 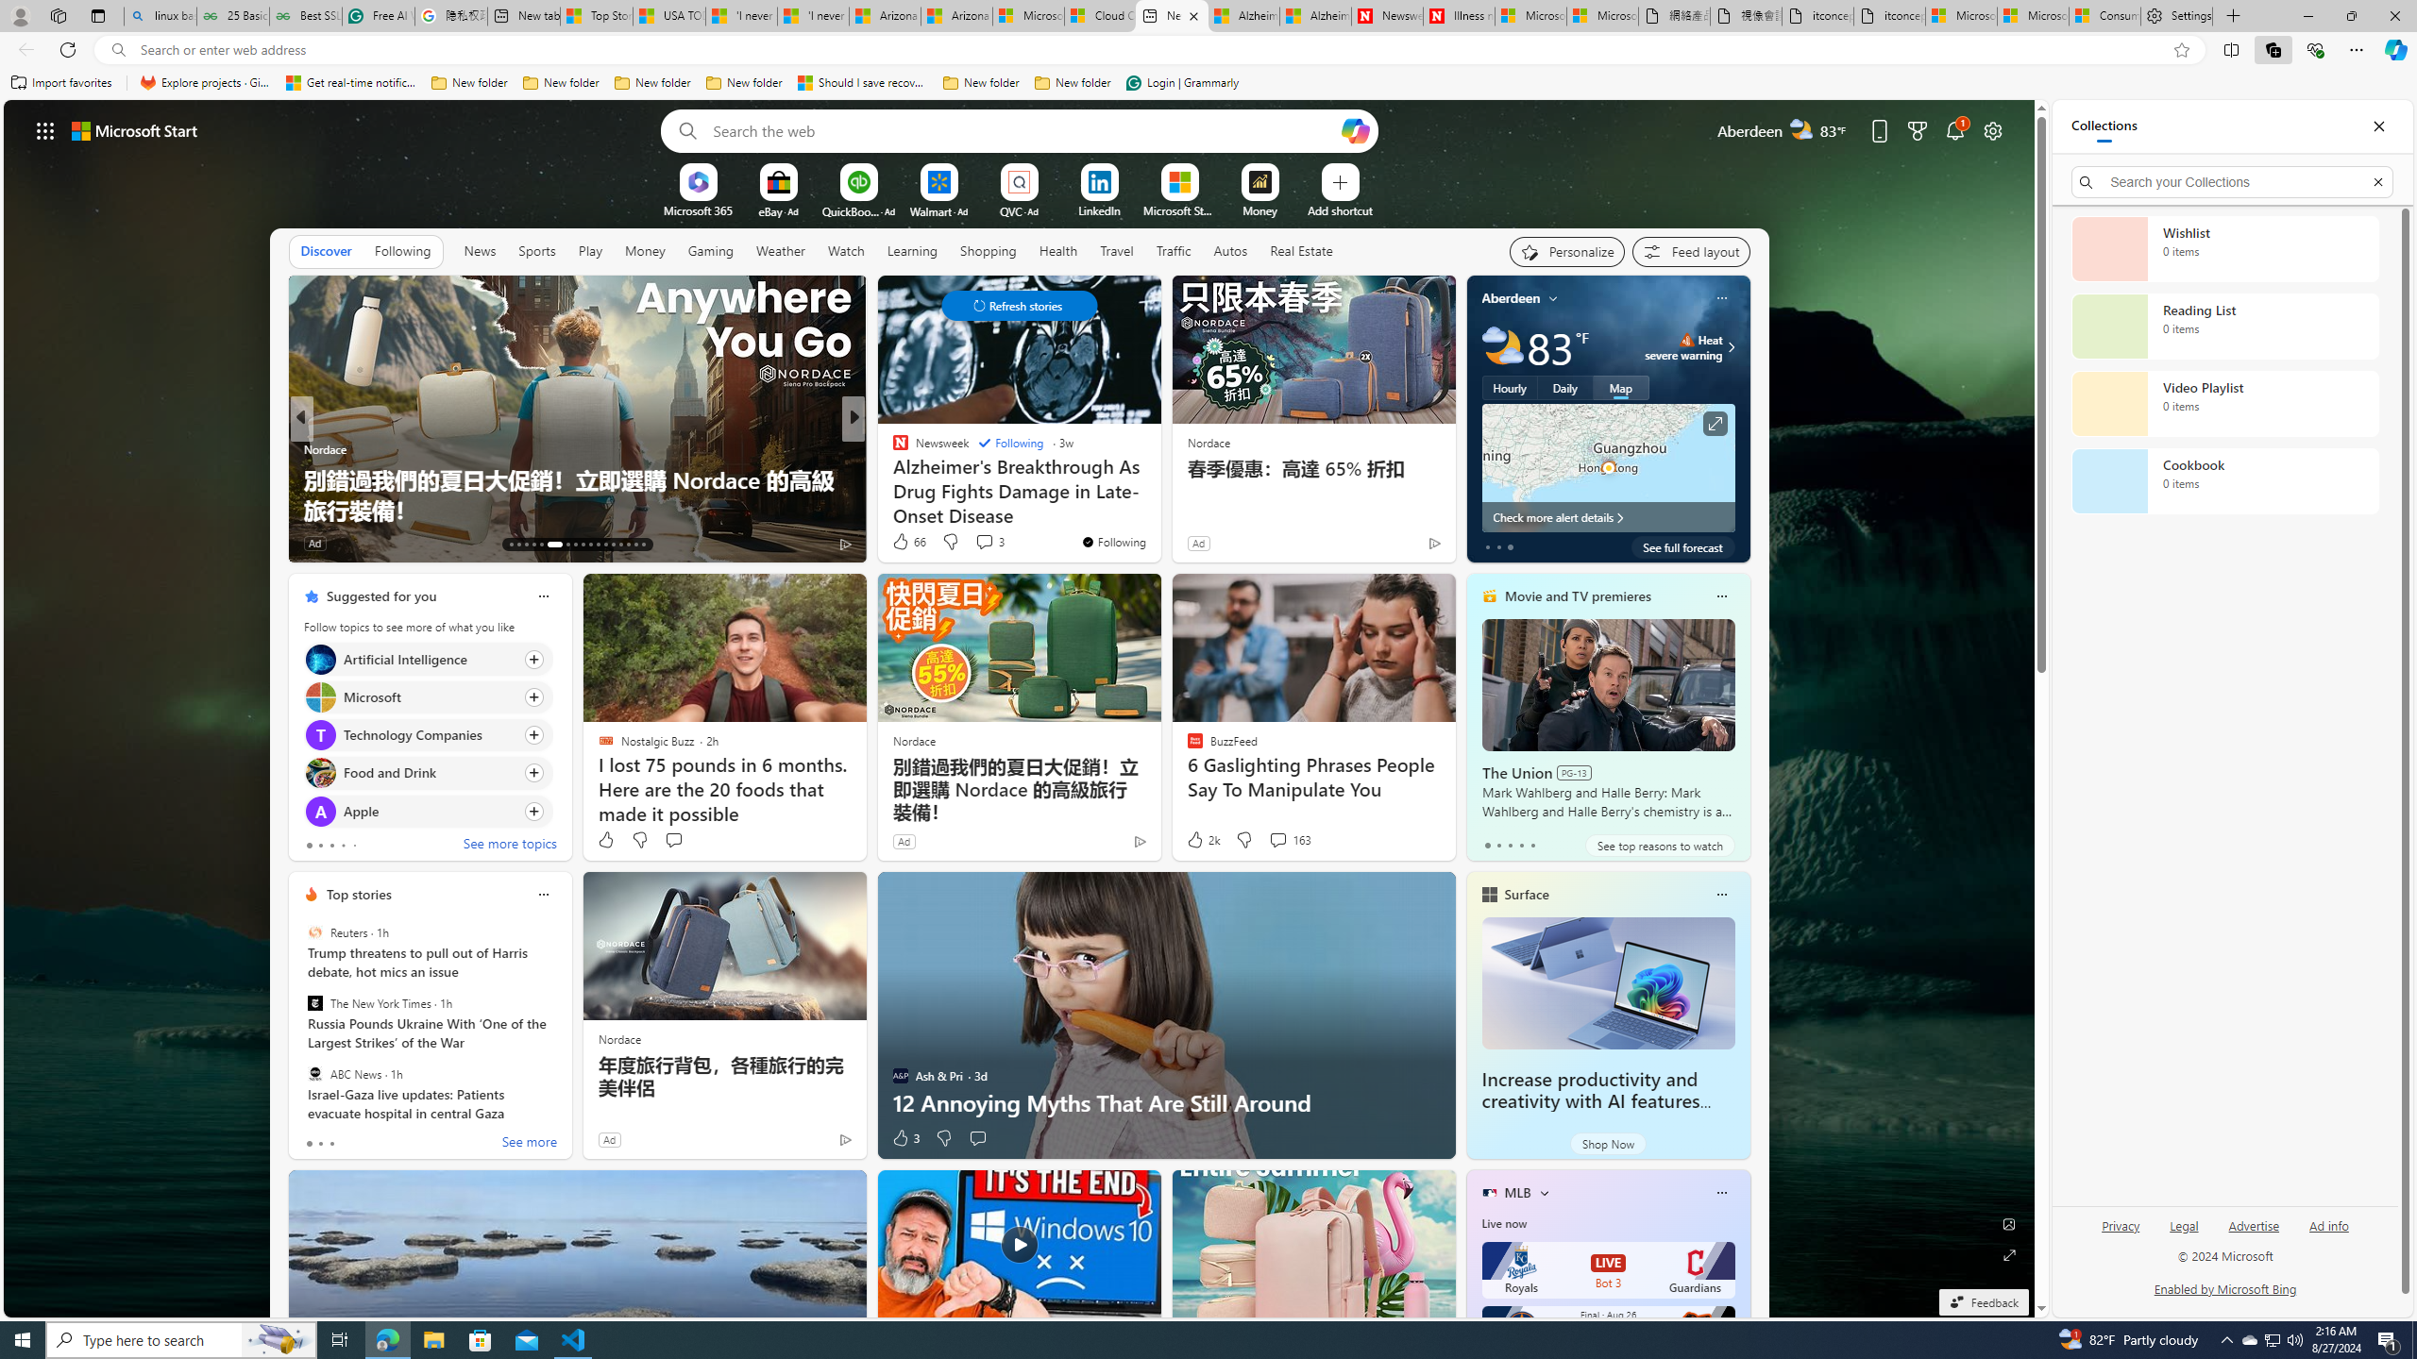 I want to click on 'Click to follow topic Apple', so click(x=427, y=810).